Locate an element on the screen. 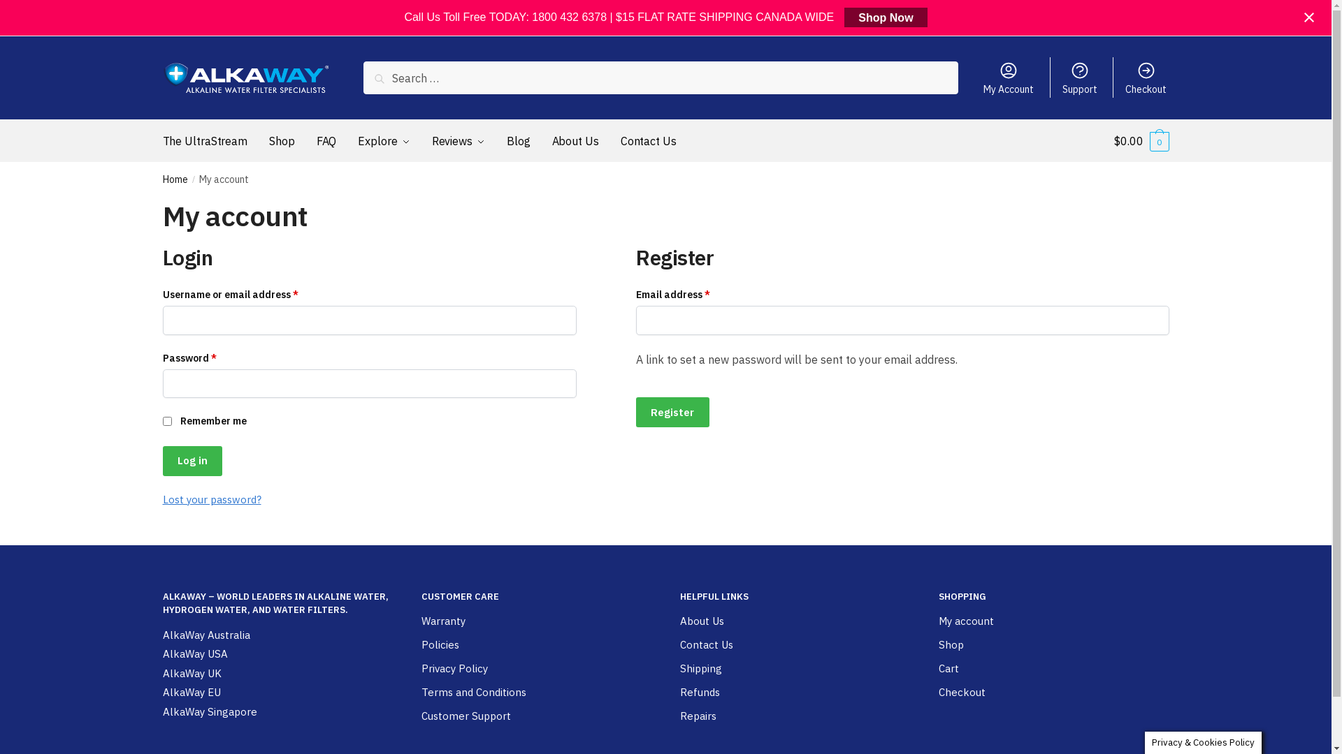  'Cart' is located at coordinates (938, 668).